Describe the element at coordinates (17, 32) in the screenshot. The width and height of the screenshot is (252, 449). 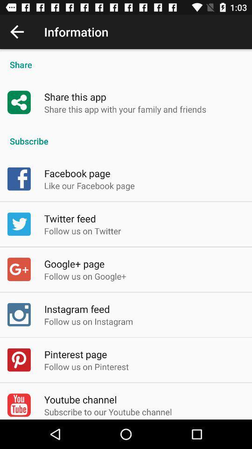
I see `go back` at that location.